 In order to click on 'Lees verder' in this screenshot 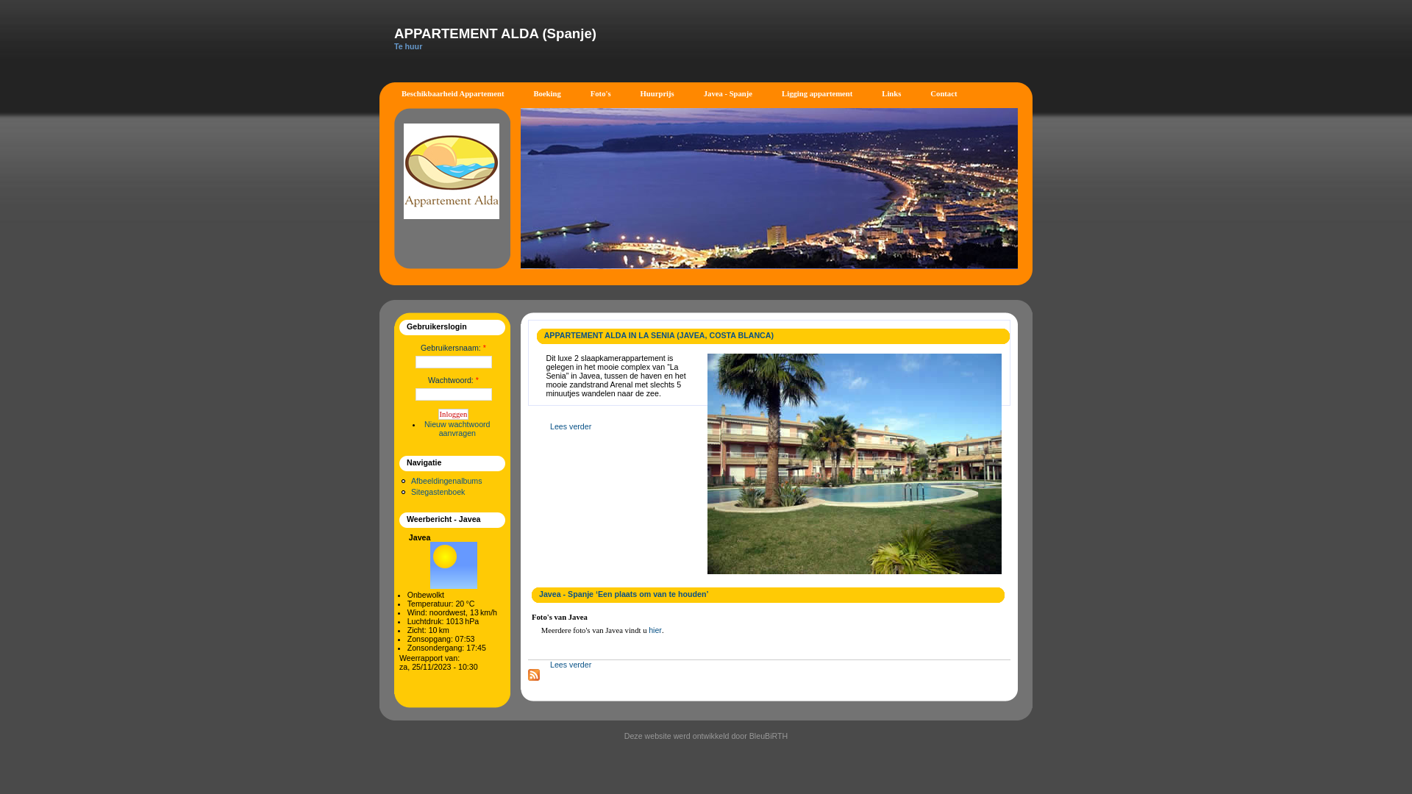, I will do `click(570, 426)`.